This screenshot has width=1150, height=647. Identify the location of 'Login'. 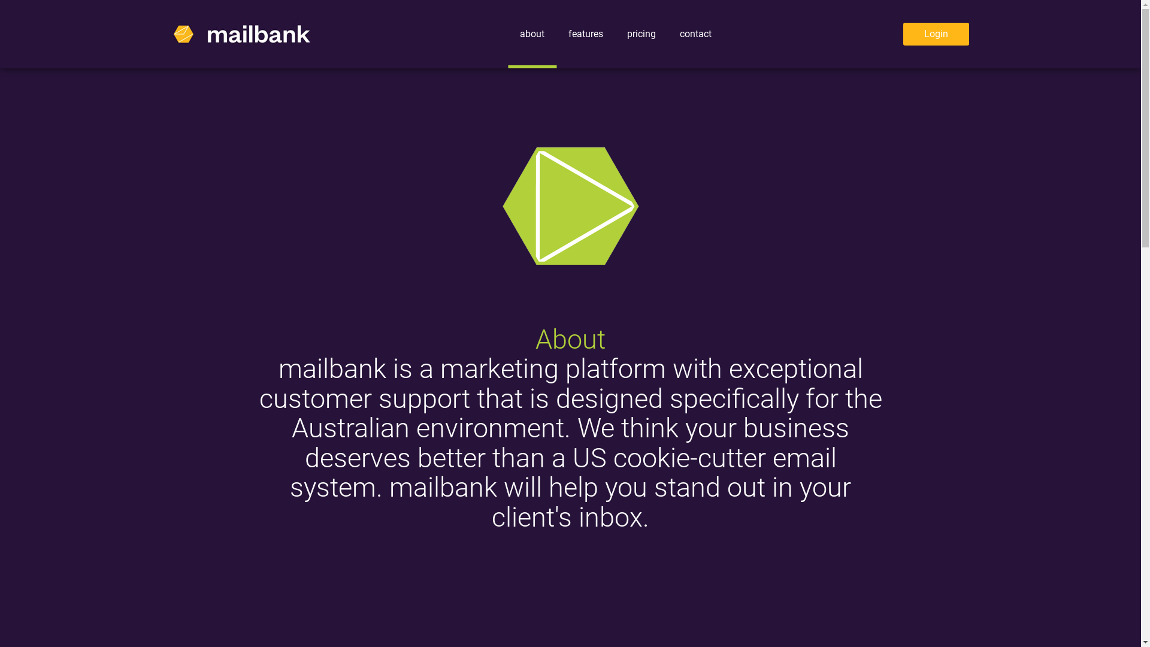
(903, 34).